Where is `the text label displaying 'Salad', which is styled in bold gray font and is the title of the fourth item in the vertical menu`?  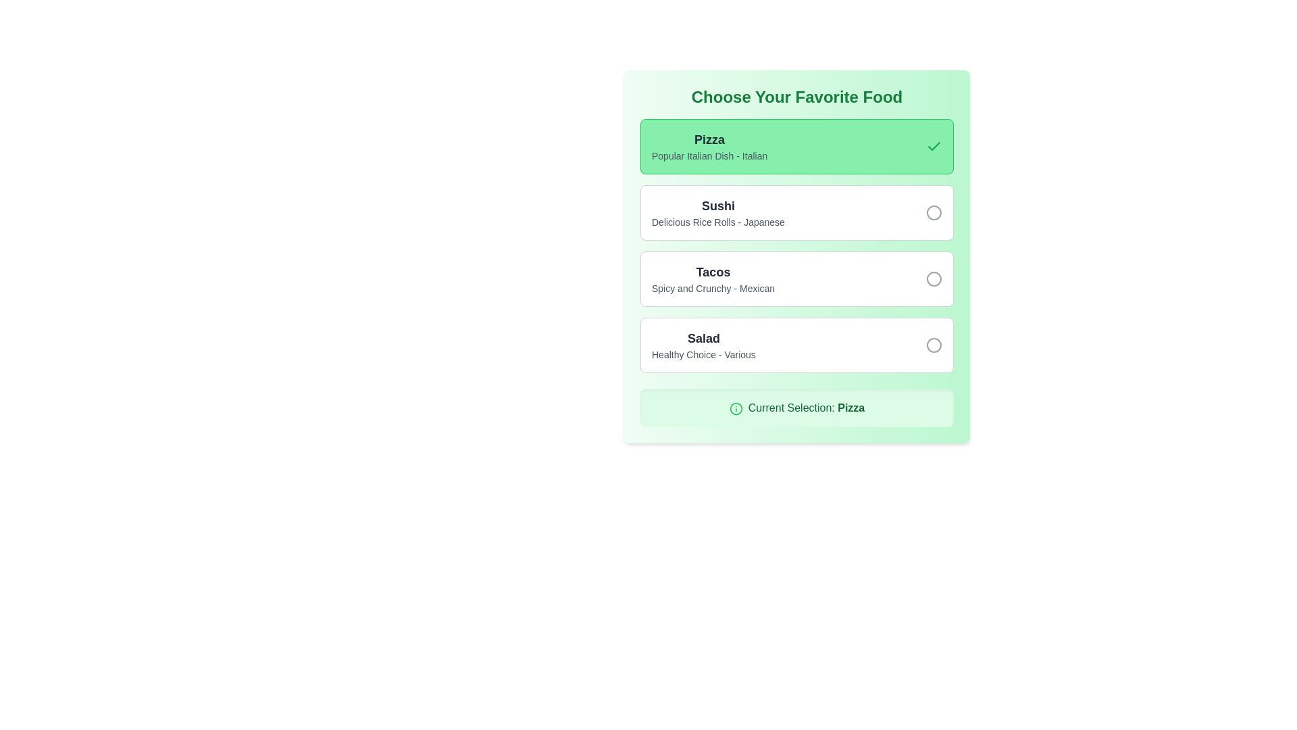 the text label displaying 'Salad', which is styled in bold gray font and is the title of the fourth item in the vertical menu is located at coordinates (703, 338).